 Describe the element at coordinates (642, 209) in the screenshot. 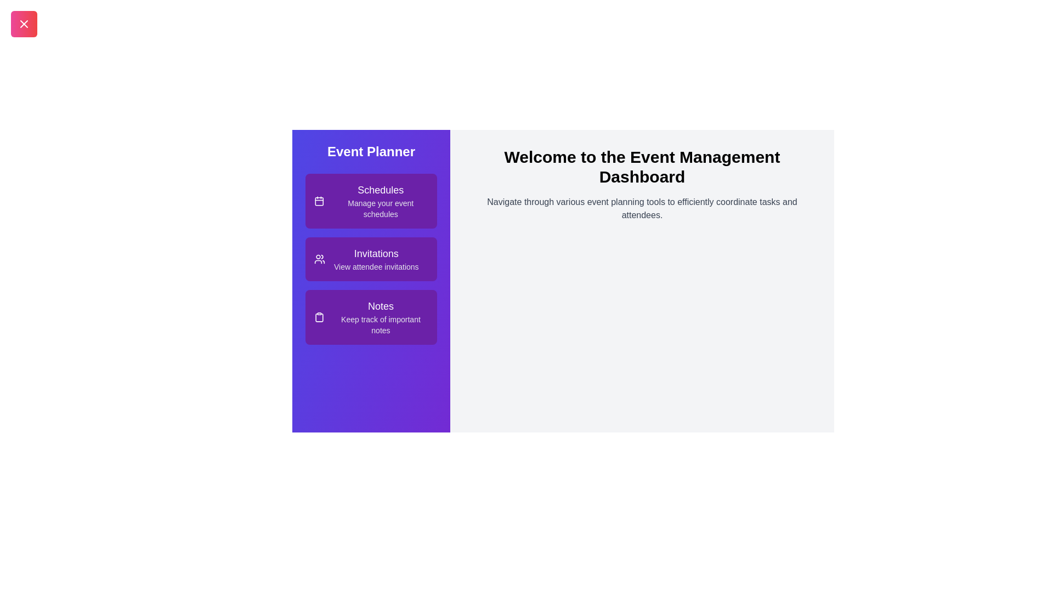

I see `the descriptive text in the main content area` at that location.